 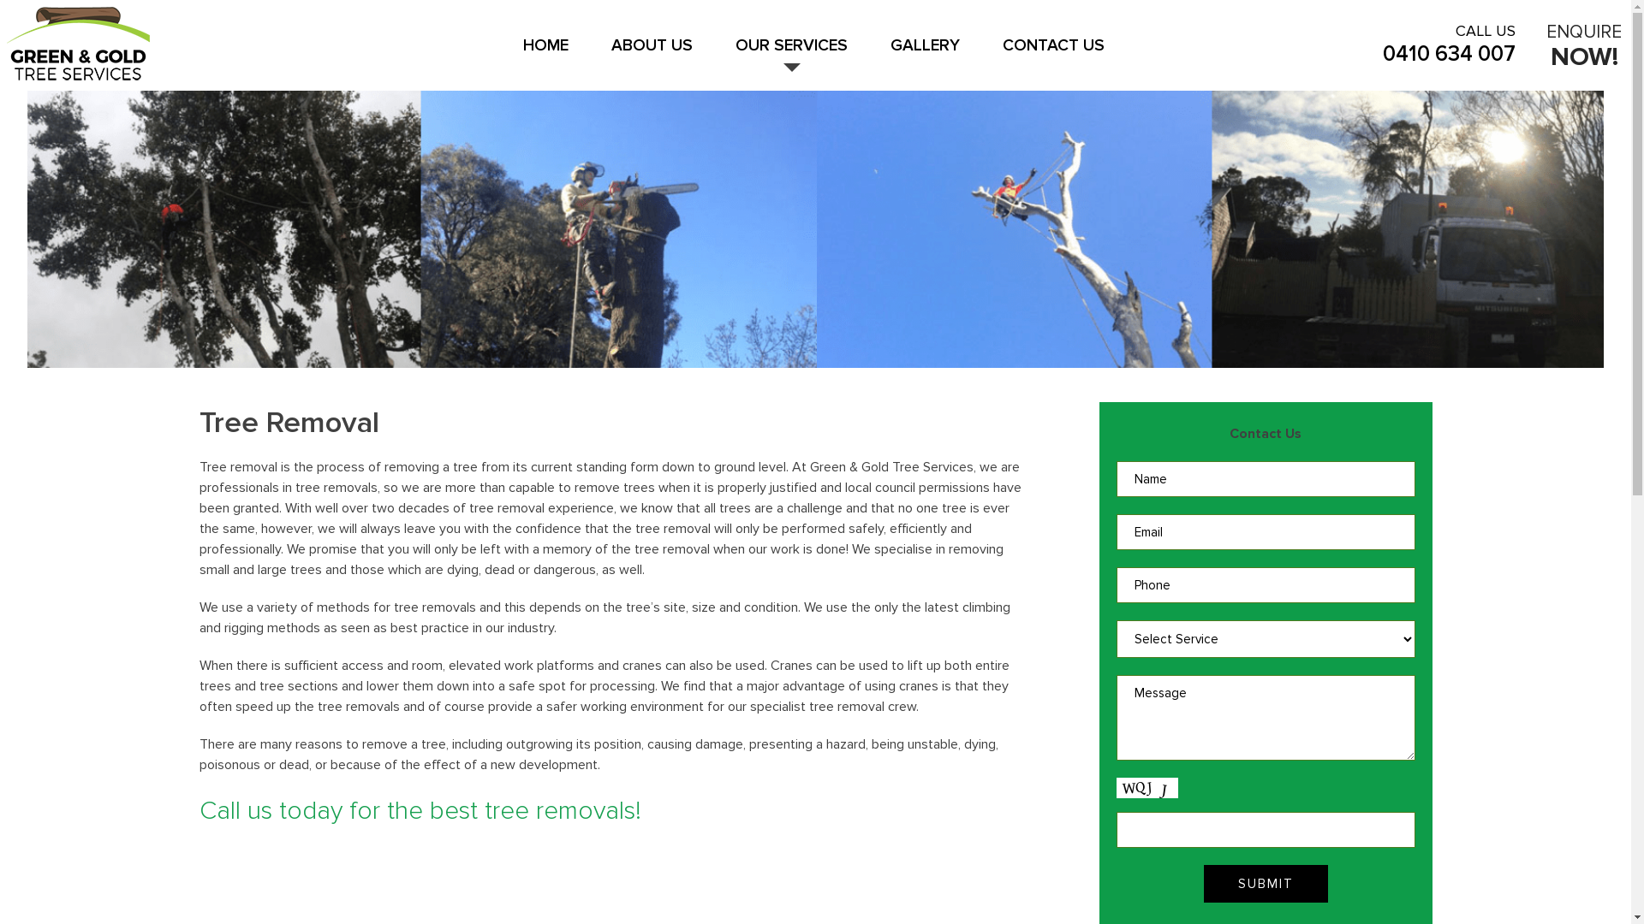 I want to click on 'SUBMIT', so click(x=1266, y=884).